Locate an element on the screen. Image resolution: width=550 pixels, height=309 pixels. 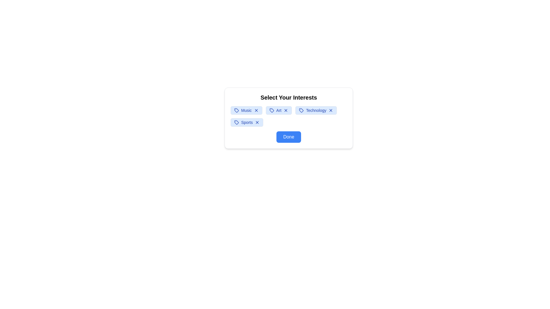
the 'Select Your Interests' text to highlight it is located at coordinates (289, 97).